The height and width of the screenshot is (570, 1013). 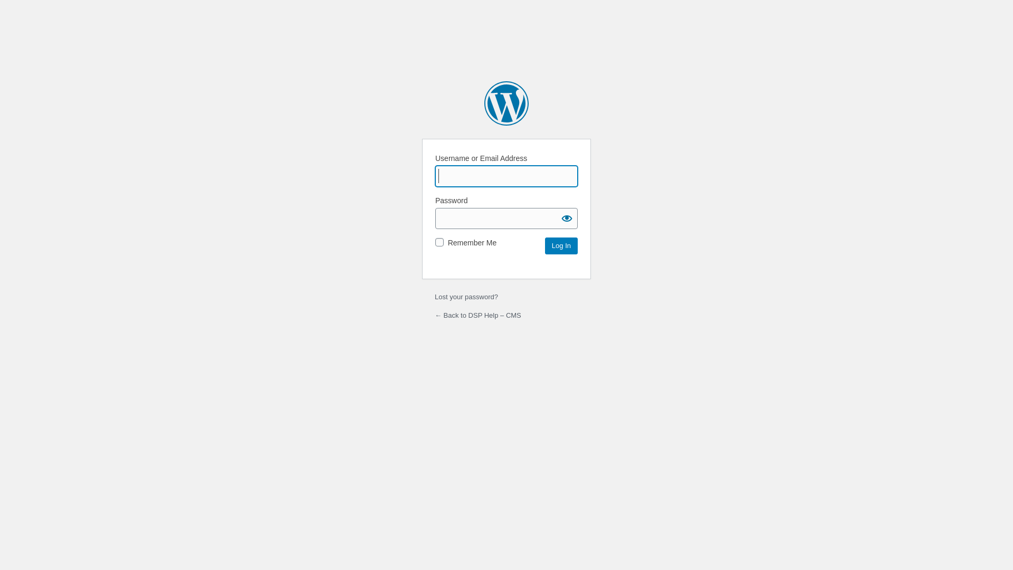 I want to click on 'Lost your password?', so click(x=435, y=297).